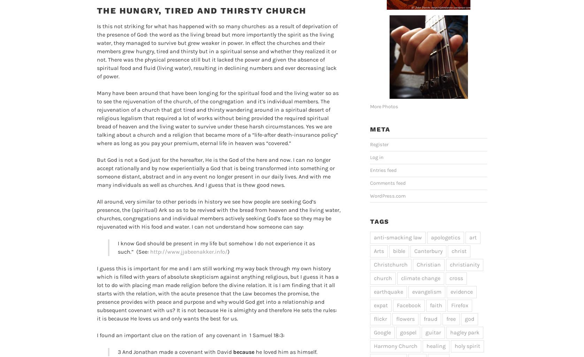 This screenshot has height=357, width=584. What do you see at coordinates (464, 264) in the screenshot?
I see `'christianity'` at bounding box center [464, 264].